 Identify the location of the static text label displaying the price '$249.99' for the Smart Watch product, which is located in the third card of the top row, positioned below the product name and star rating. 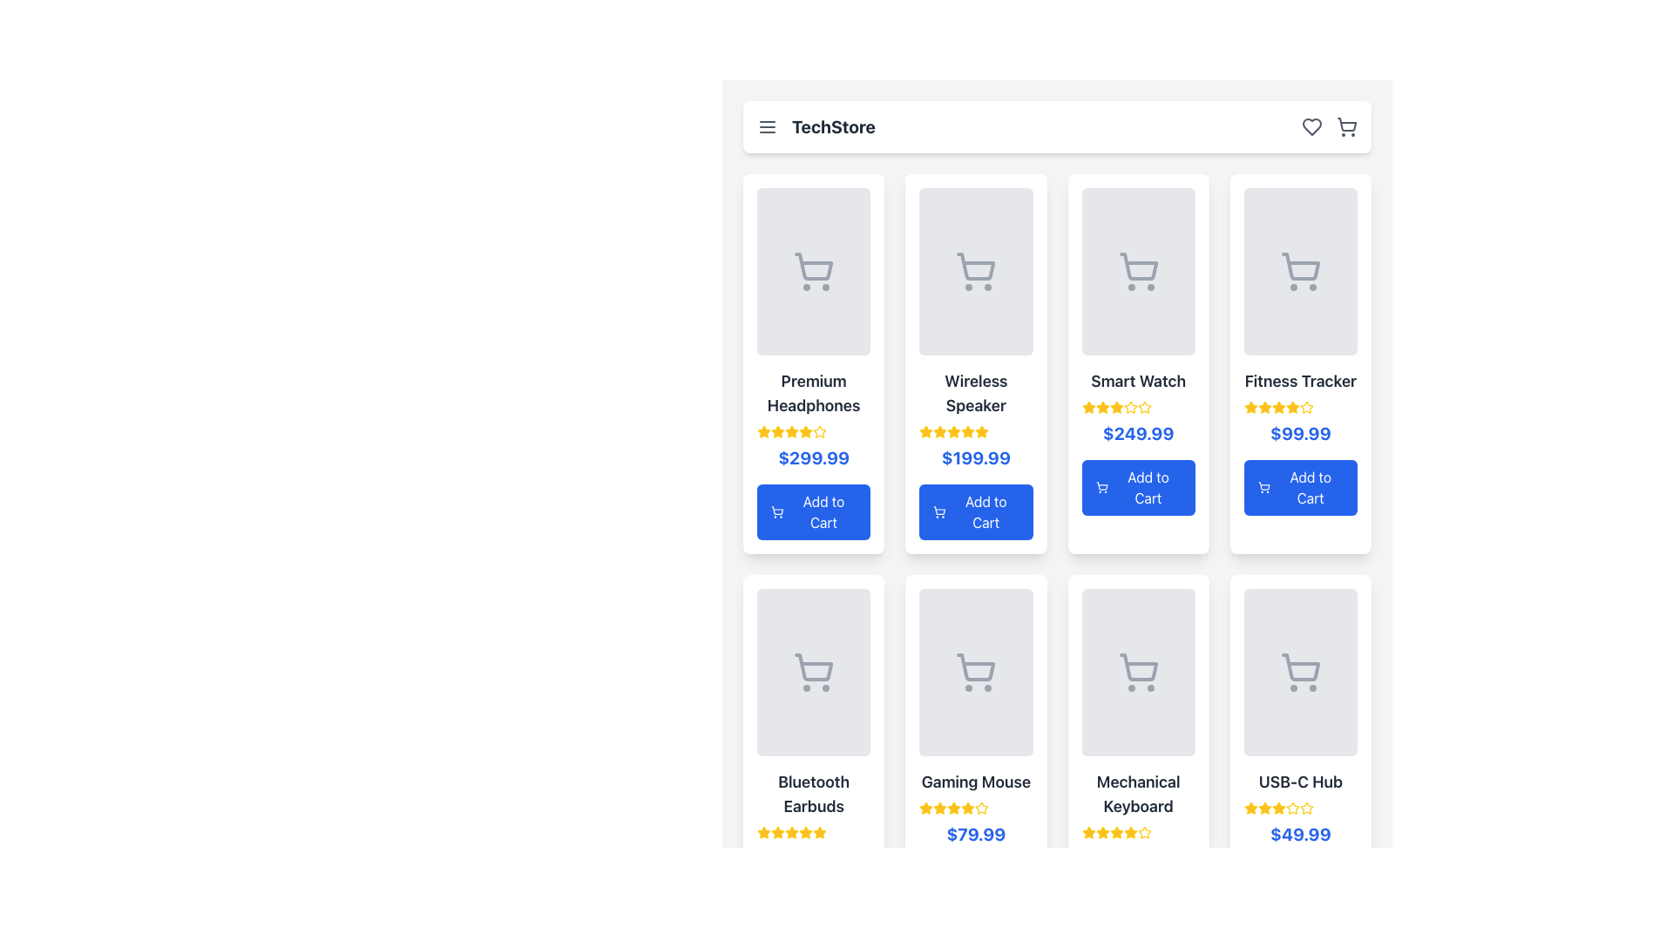
(1138, 432).